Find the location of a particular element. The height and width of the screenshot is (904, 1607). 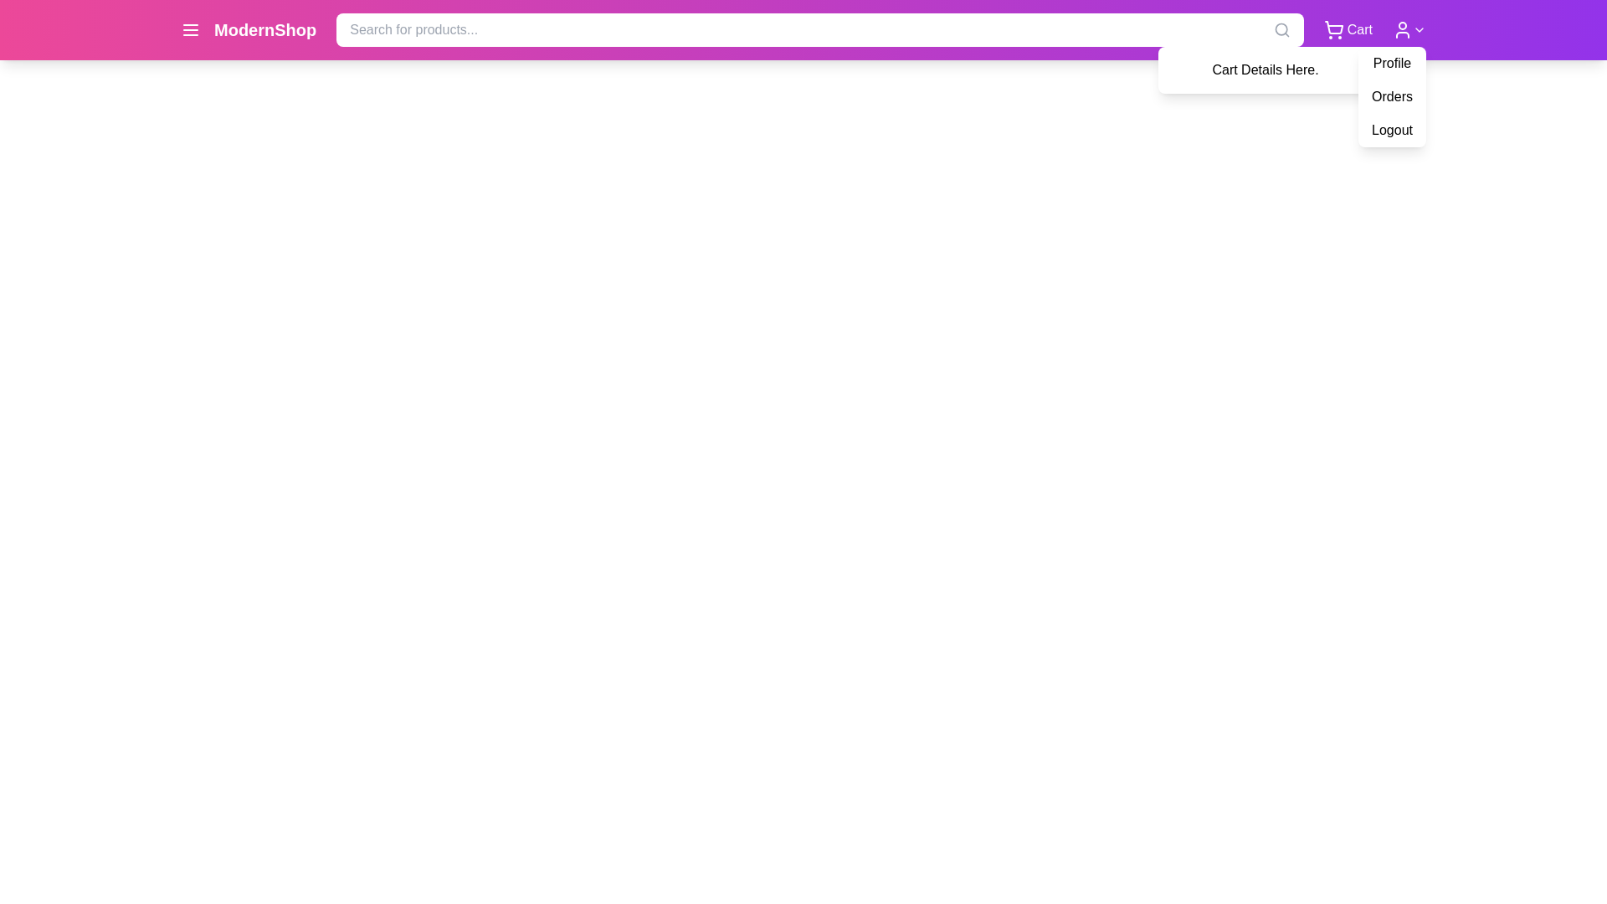

the user menu button located on the top navigation bar at the far right side is located at coordinates (1409, 29).